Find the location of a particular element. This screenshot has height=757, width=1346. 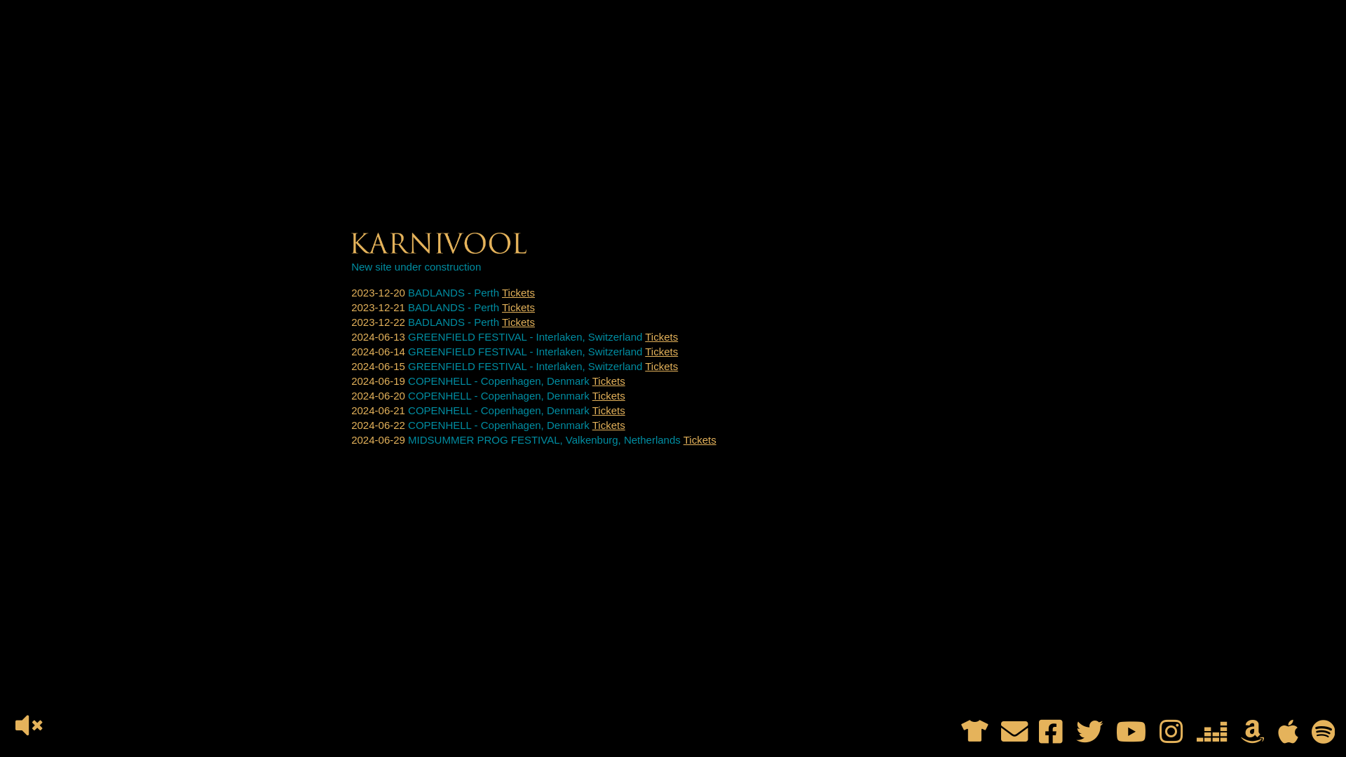

'Tickets' is located at coordinates (517, 306).